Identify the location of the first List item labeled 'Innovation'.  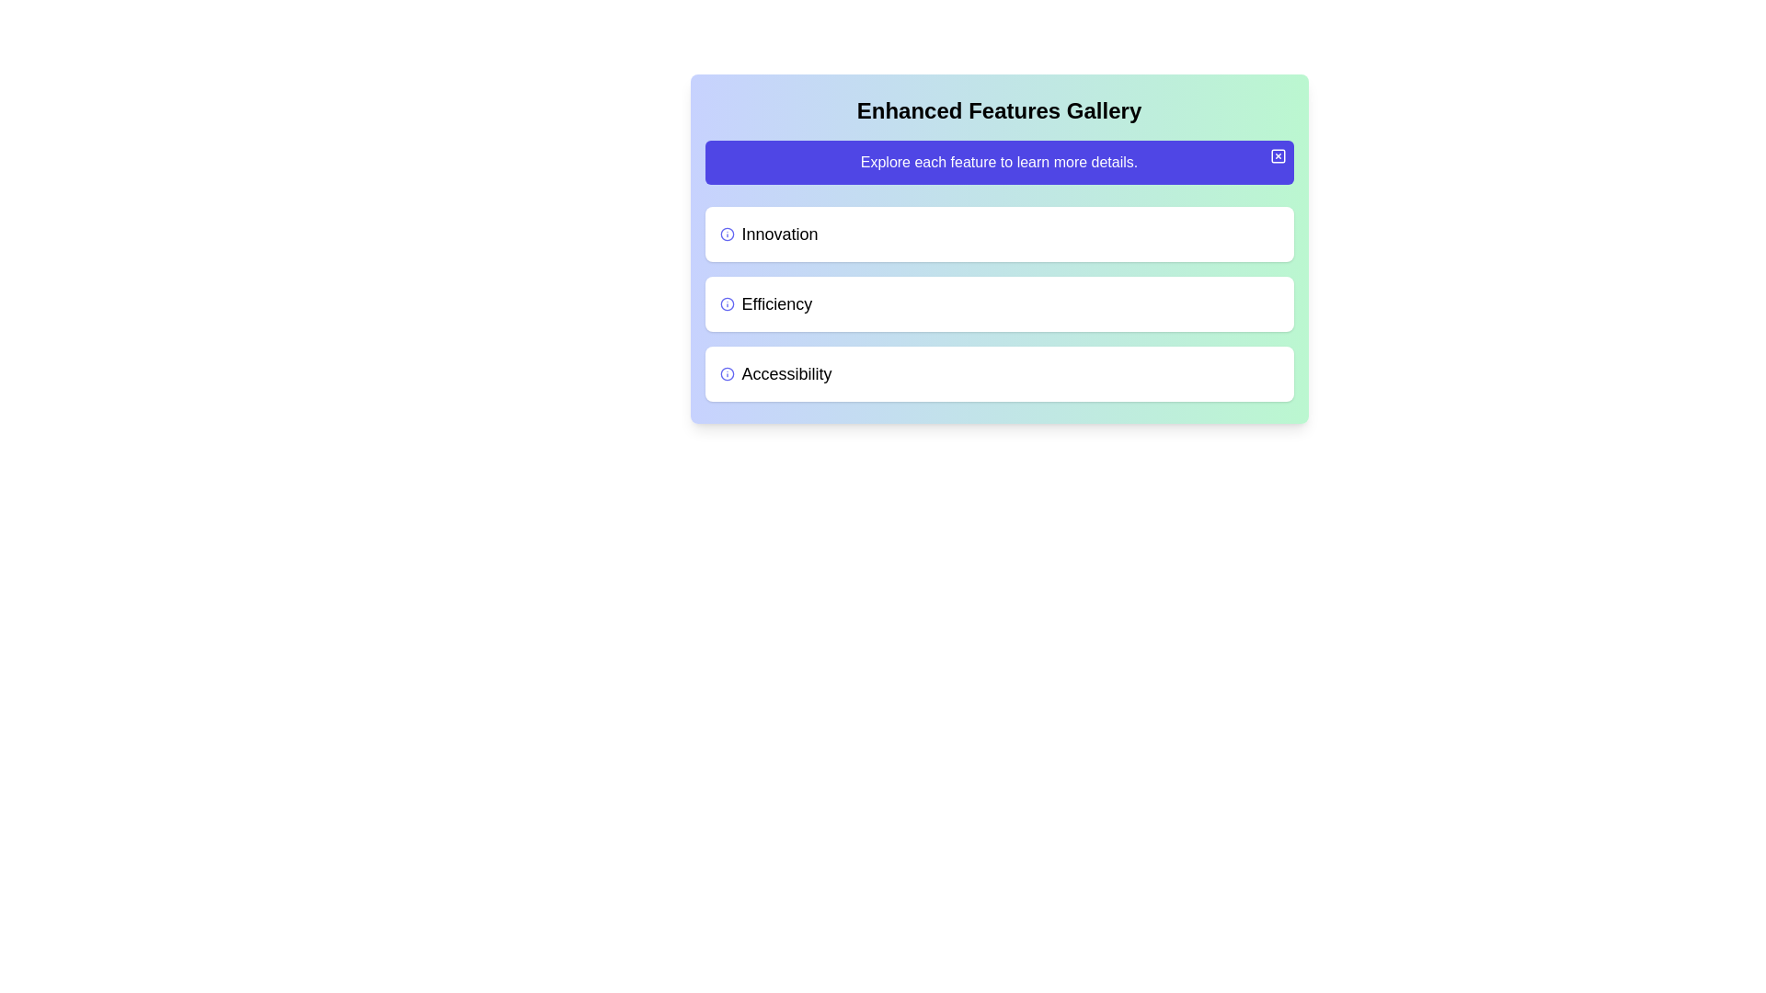
(998, 233).